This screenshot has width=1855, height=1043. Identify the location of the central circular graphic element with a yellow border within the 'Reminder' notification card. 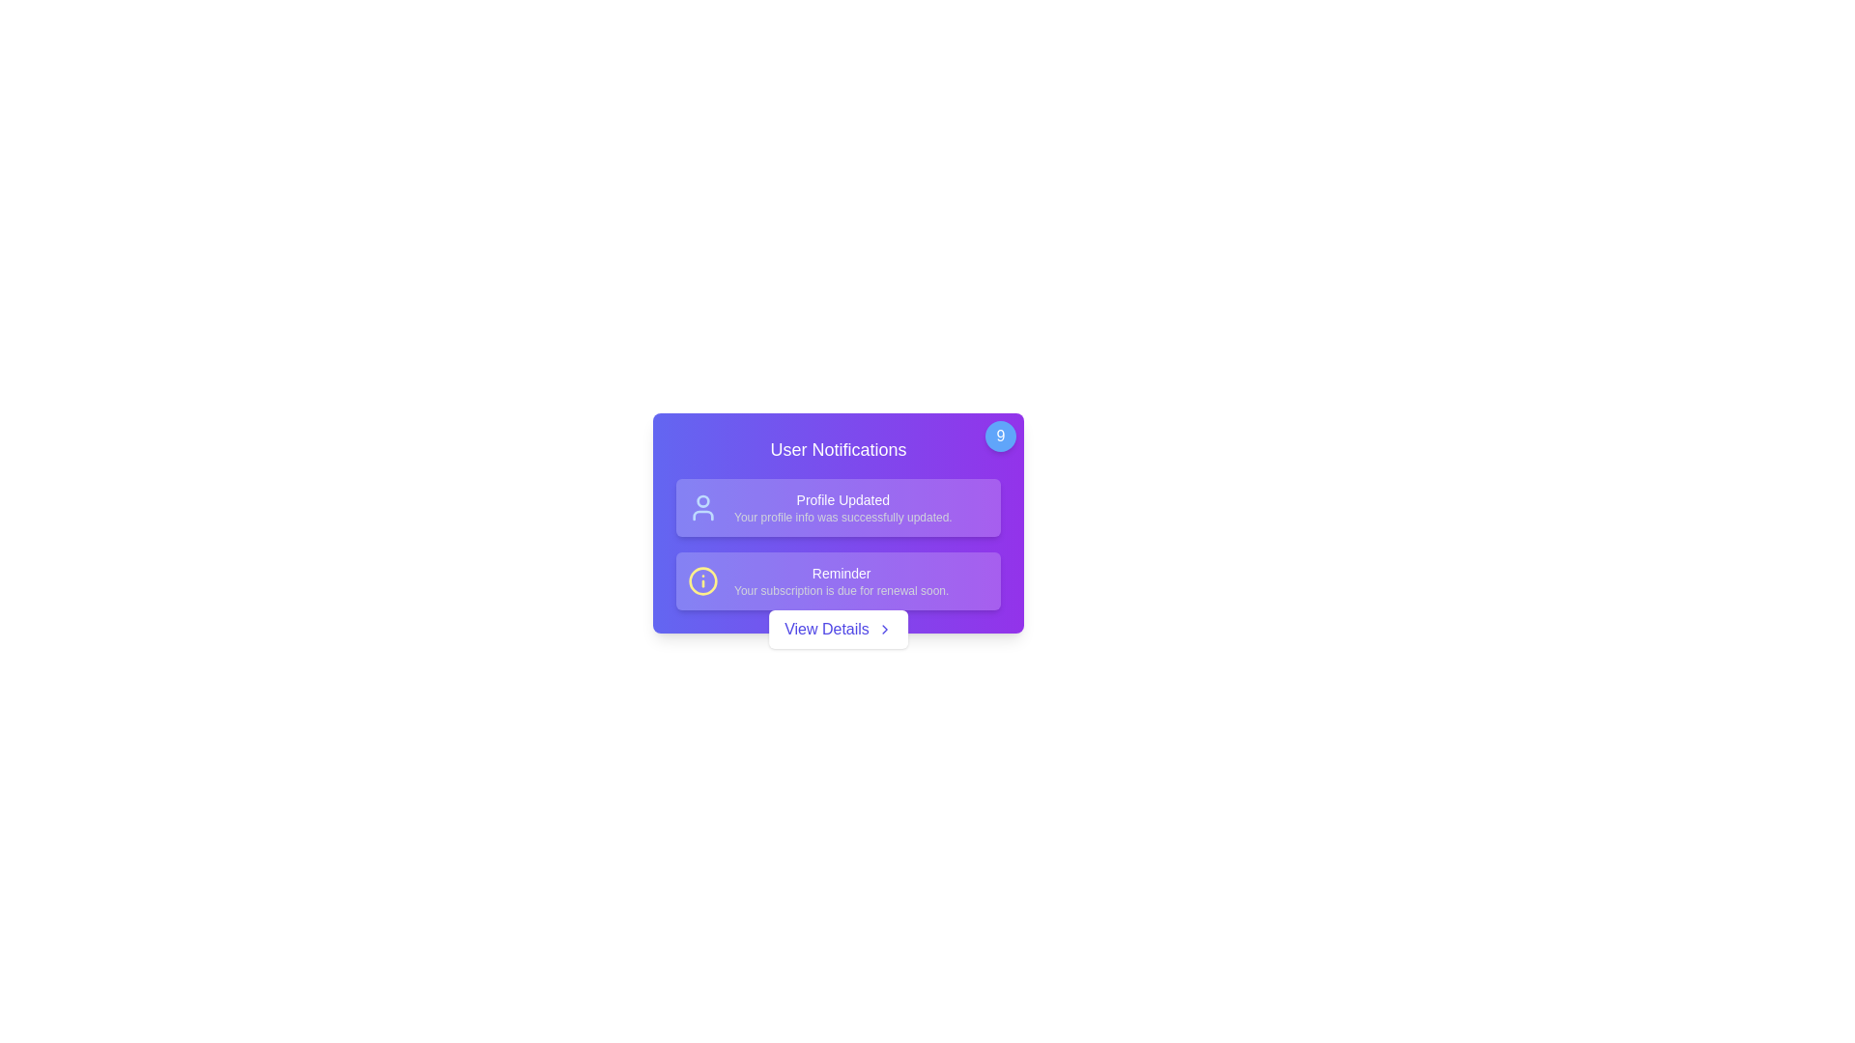
(702, 579).